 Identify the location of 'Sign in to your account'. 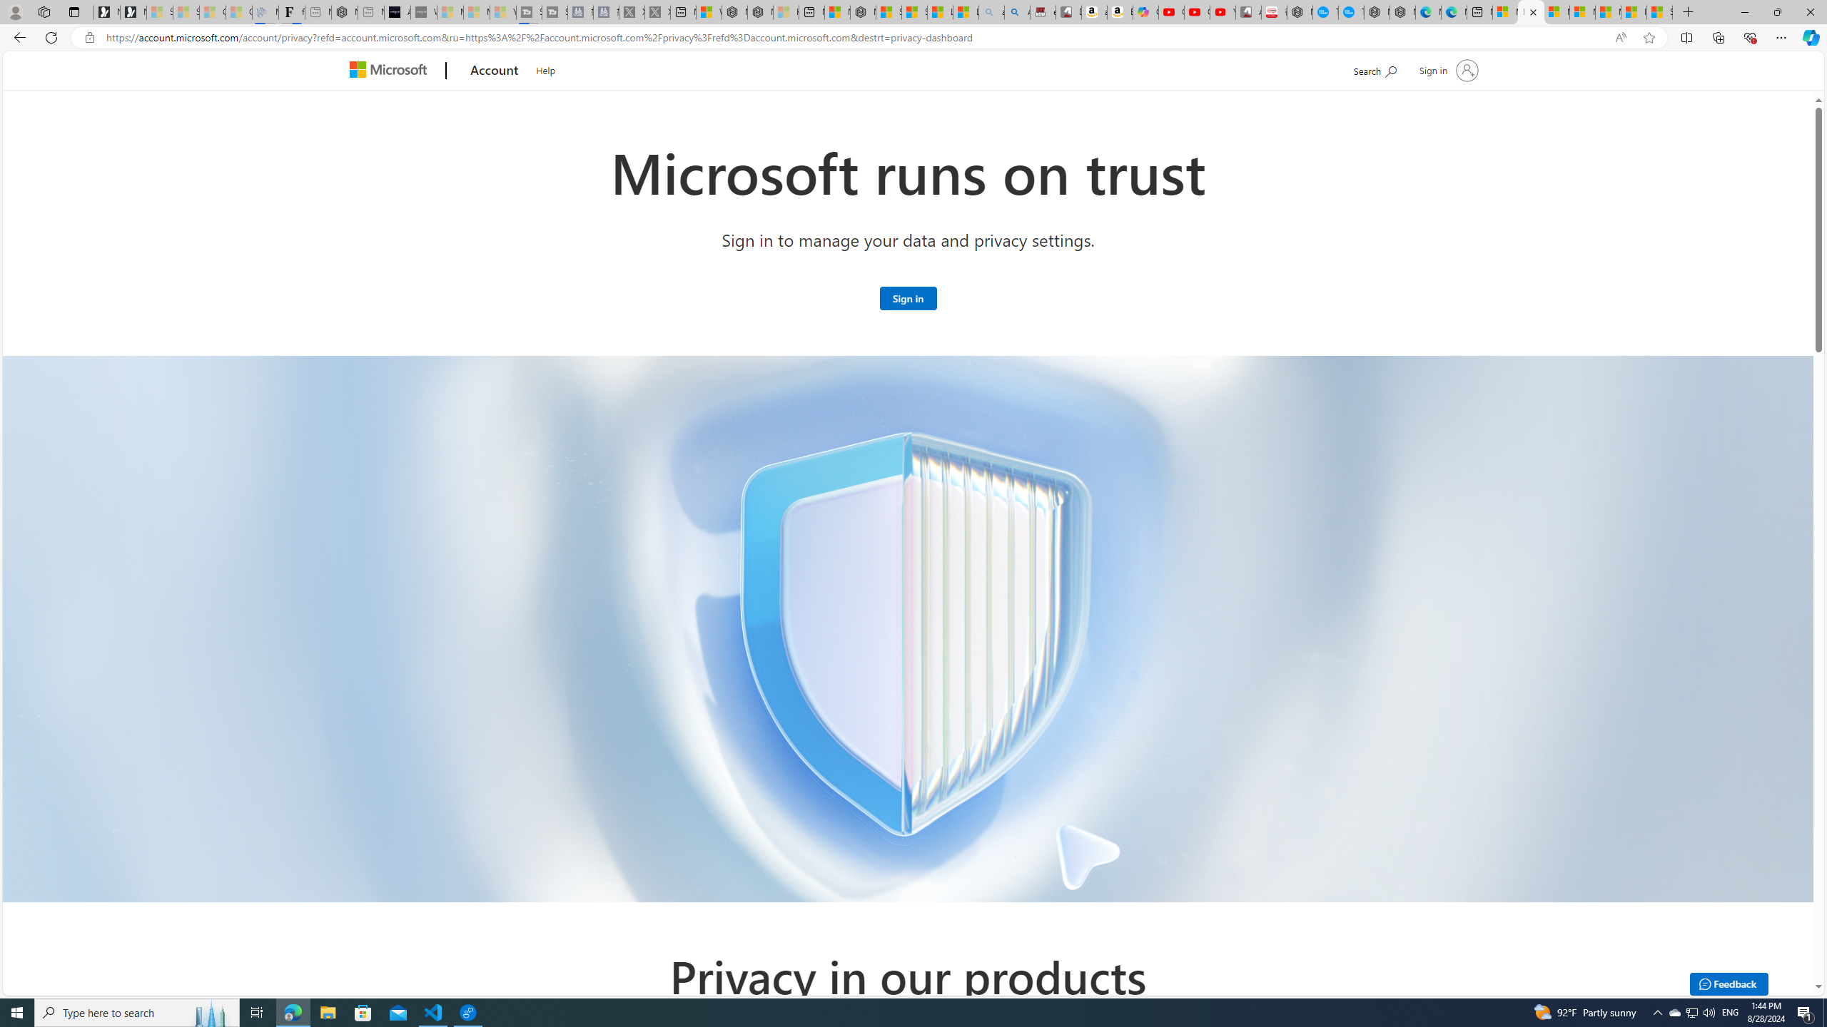
(1446, 69).